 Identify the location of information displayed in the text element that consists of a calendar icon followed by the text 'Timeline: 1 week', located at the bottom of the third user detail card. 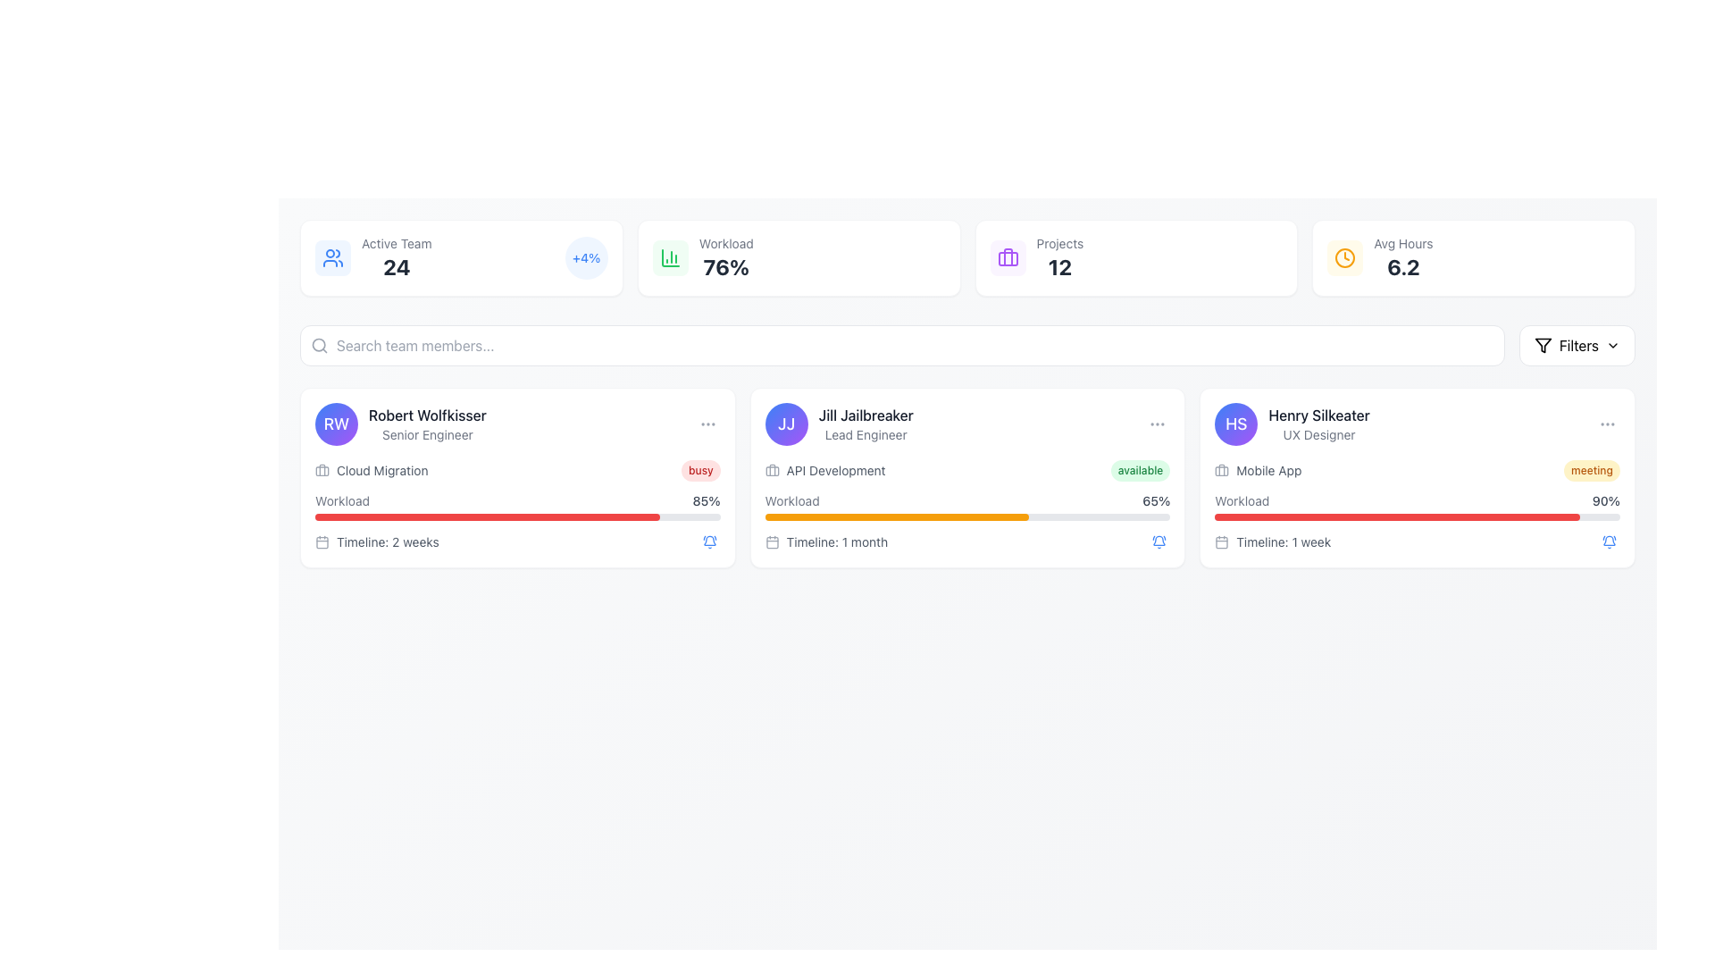
(1272, 541).